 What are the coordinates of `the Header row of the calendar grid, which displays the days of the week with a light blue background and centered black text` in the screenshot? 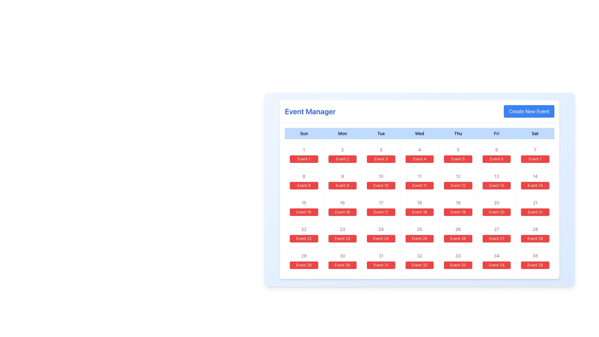 It's located at (419, 133).